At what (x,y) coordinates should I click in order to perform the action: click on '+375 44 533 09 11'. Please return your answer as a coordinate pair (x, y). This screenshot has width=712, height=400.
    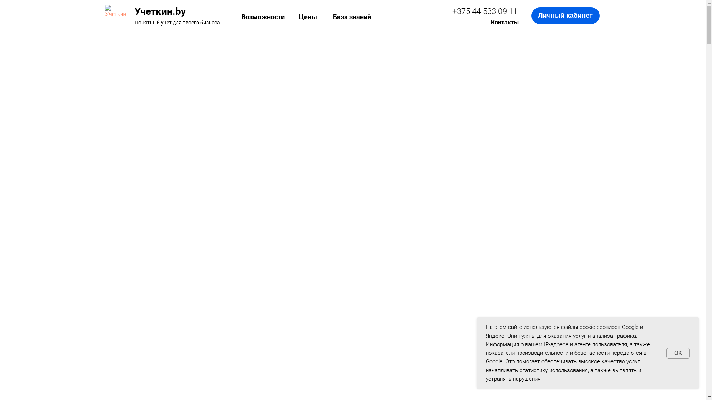
    Looking at the image, I should click on (485, 11).